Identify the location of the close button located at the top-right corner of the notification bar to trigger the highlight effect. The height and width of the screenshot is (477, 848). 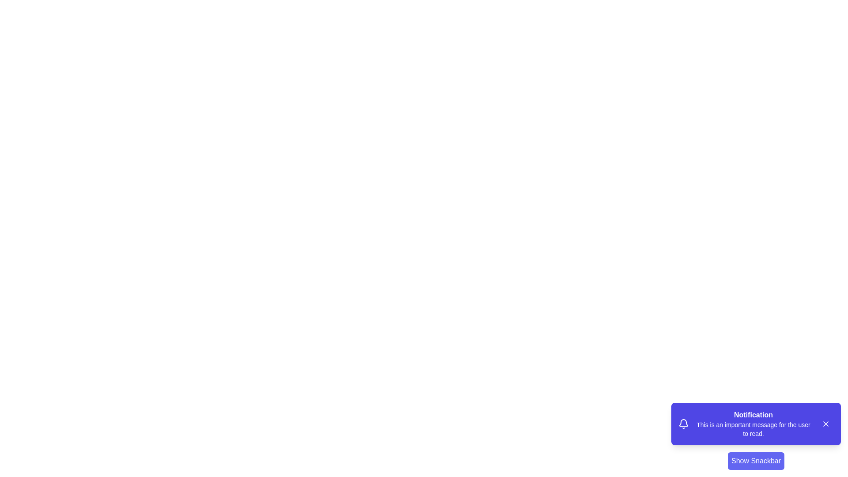
(825, 424).